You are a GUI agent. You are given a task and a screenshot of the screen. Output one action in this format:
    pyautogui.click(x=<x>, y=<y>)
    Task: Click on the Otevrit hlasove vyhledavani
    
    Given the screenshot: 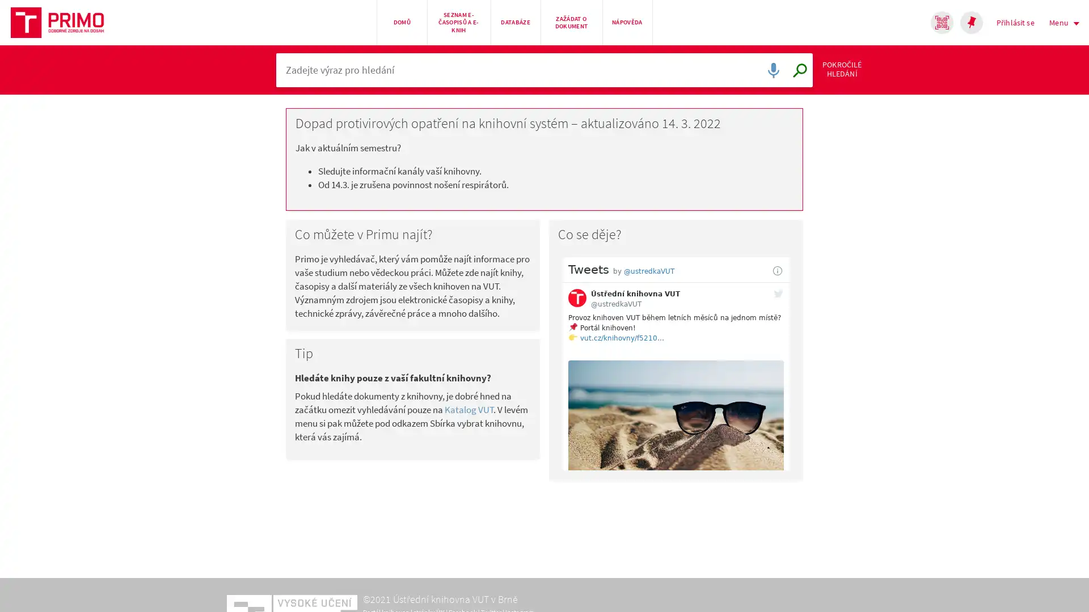 What is the action you would take?
    pyautogui.click(x=770, y=74)
    